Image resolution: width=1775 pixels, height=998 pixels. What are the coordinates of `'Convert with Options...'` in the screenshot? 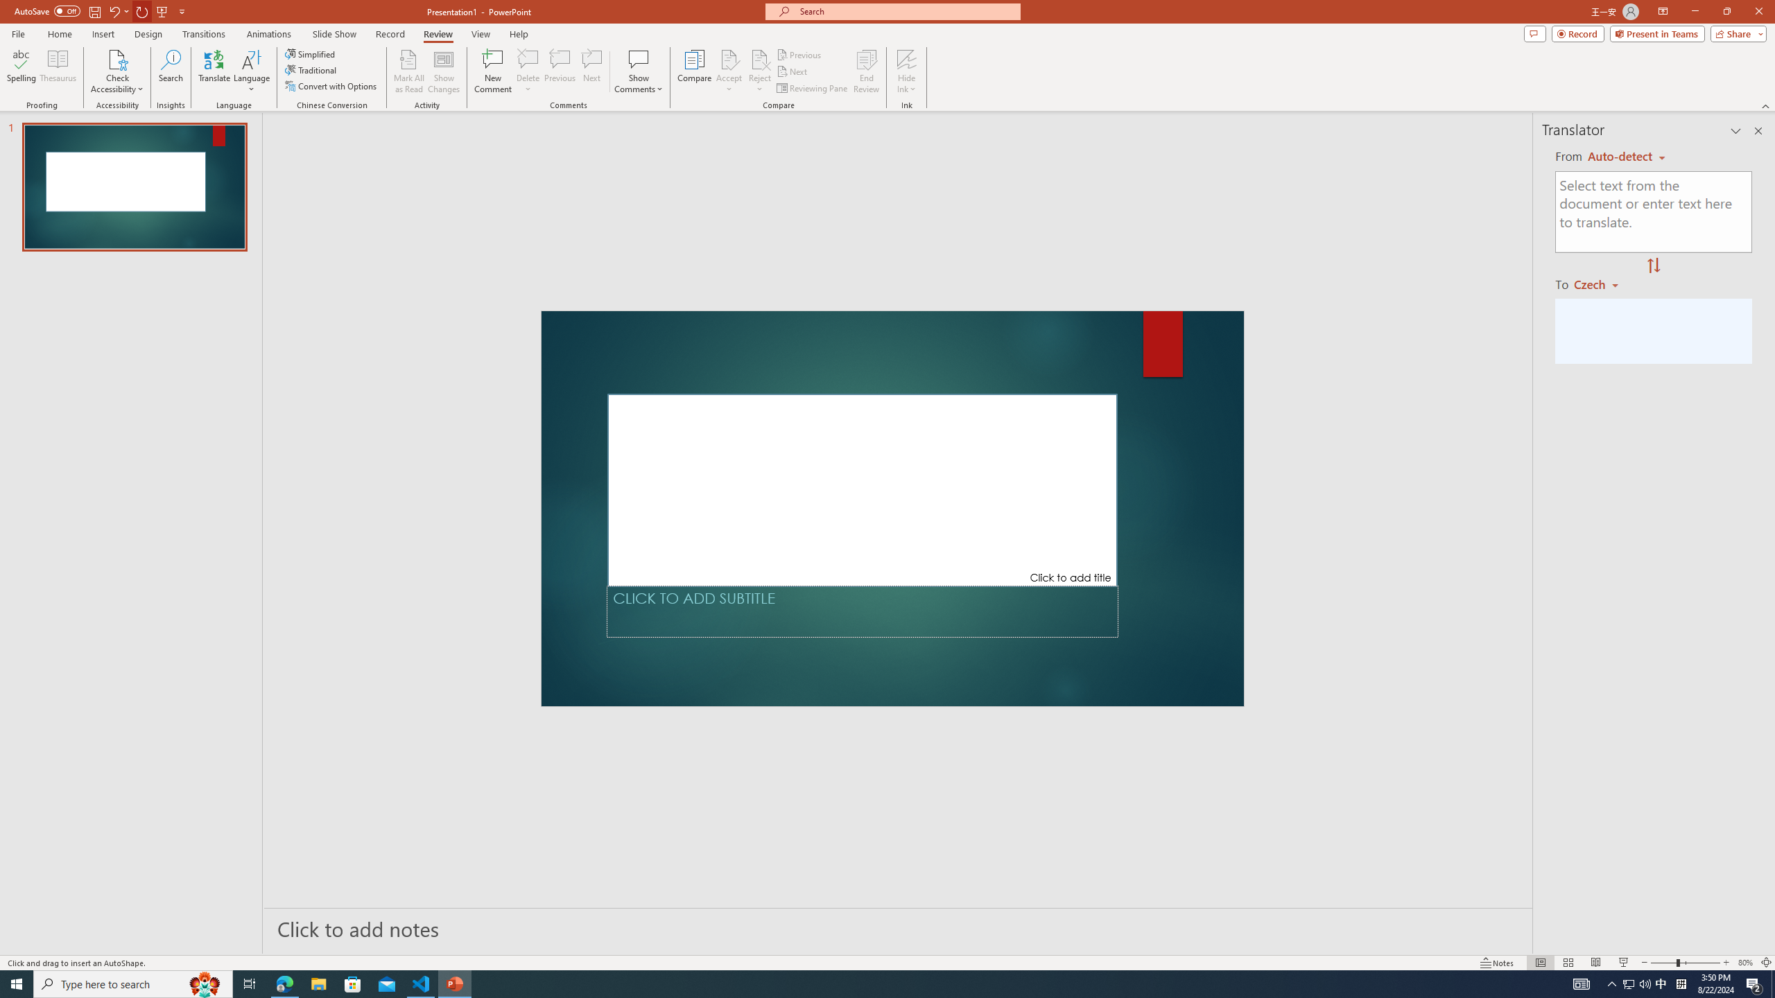 It's located at (331, 85).